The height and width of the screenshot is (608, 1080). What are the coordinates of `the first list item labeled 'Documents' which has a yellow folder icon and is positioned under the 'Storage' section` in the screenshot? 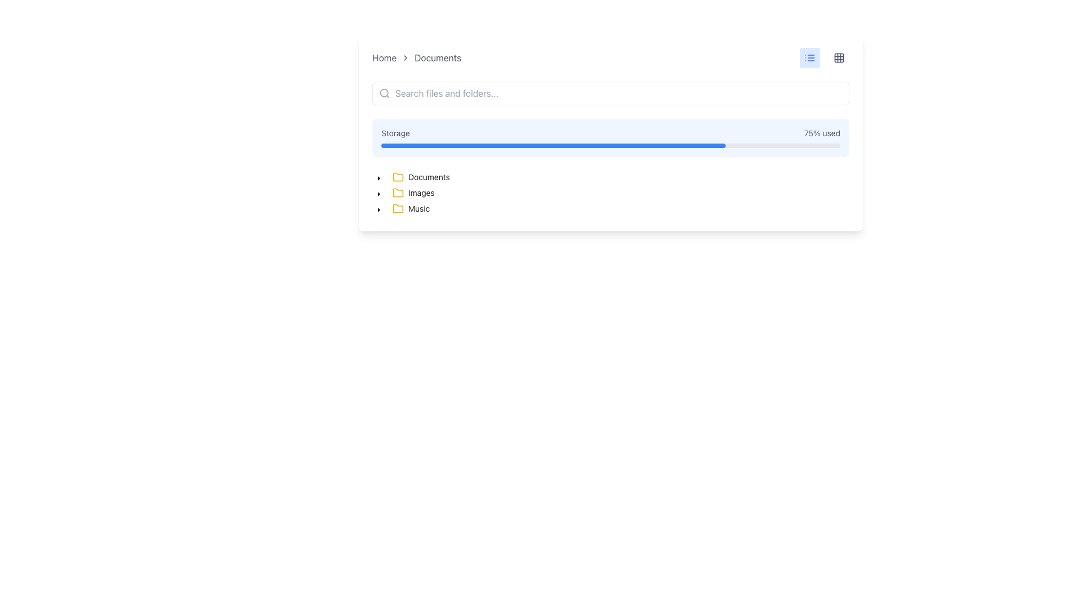 It's located at (420, 177).